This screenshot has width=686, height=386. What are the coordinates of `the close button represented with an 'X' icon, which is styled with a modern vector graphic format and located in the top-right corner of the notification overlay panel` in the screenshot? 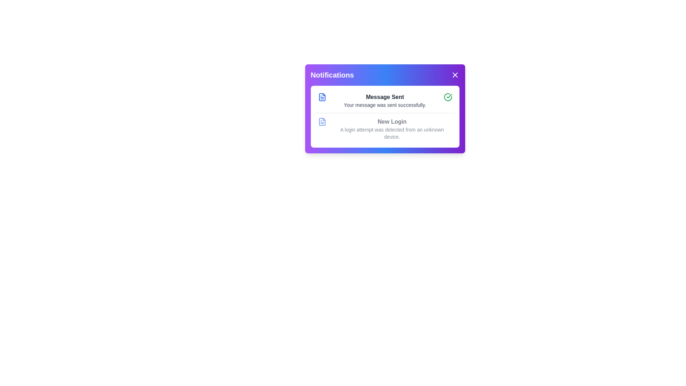 It's located at (454, 75).